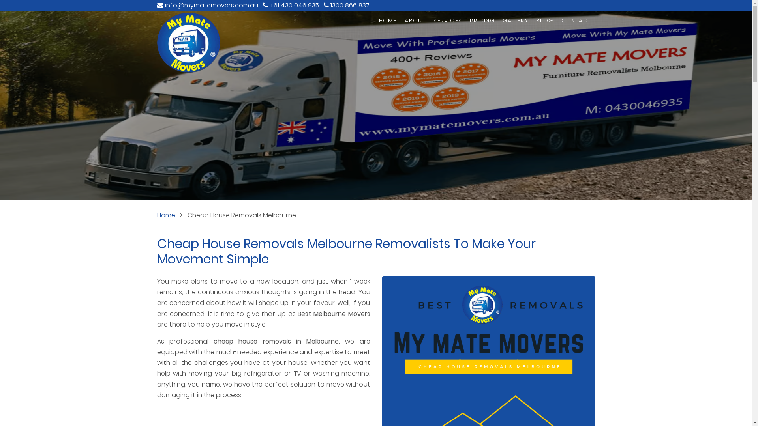 The image size is (758, 426). What do you see at coordinates (515, 20) in the screenshot?
I see `'GALLERY'` at bounding box center [515, 20].